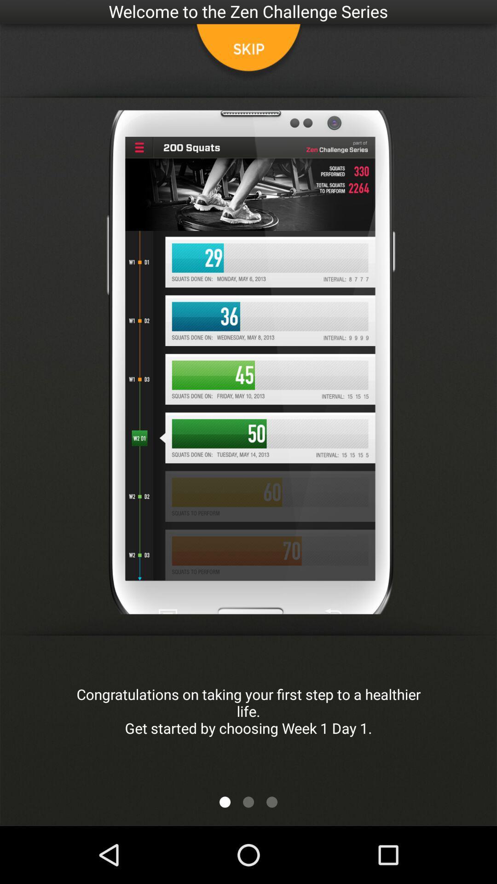 This screenshot has width=497, height=884. I want to click on next page, so click(248, 802).